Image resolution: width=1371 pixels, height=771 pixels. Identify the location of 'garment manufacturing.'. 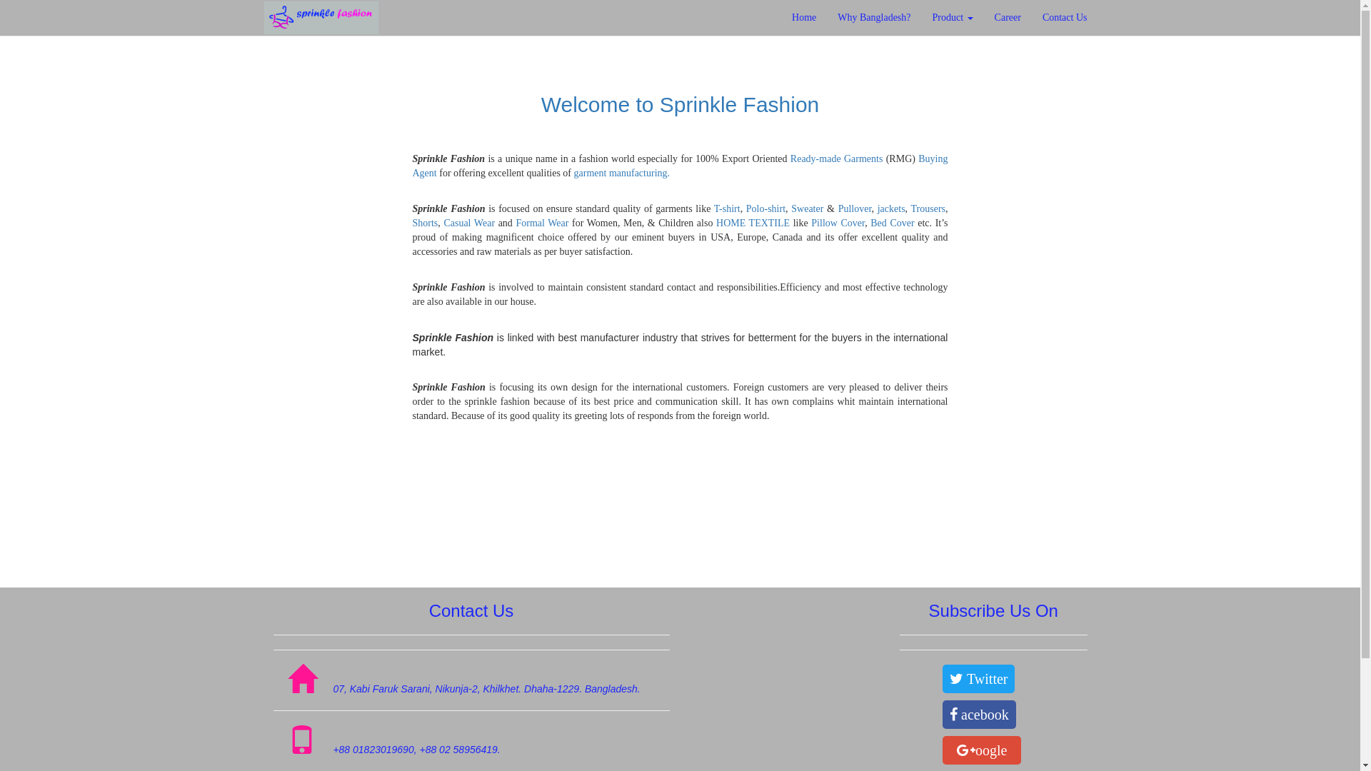
(622, 172).